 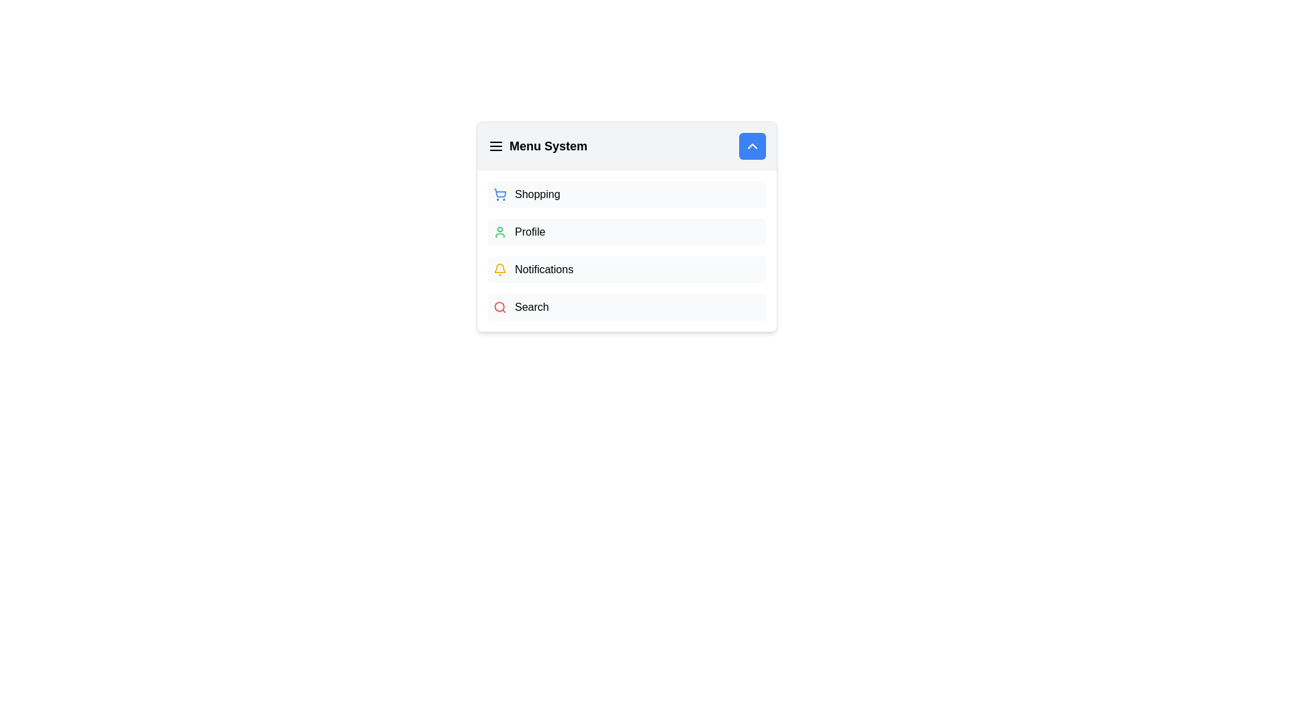 What do you see at coordinates (499, 268) in the screenshot?
I see `the notification icon located near the right side of the menu system header` at bounding box center [499, 268].